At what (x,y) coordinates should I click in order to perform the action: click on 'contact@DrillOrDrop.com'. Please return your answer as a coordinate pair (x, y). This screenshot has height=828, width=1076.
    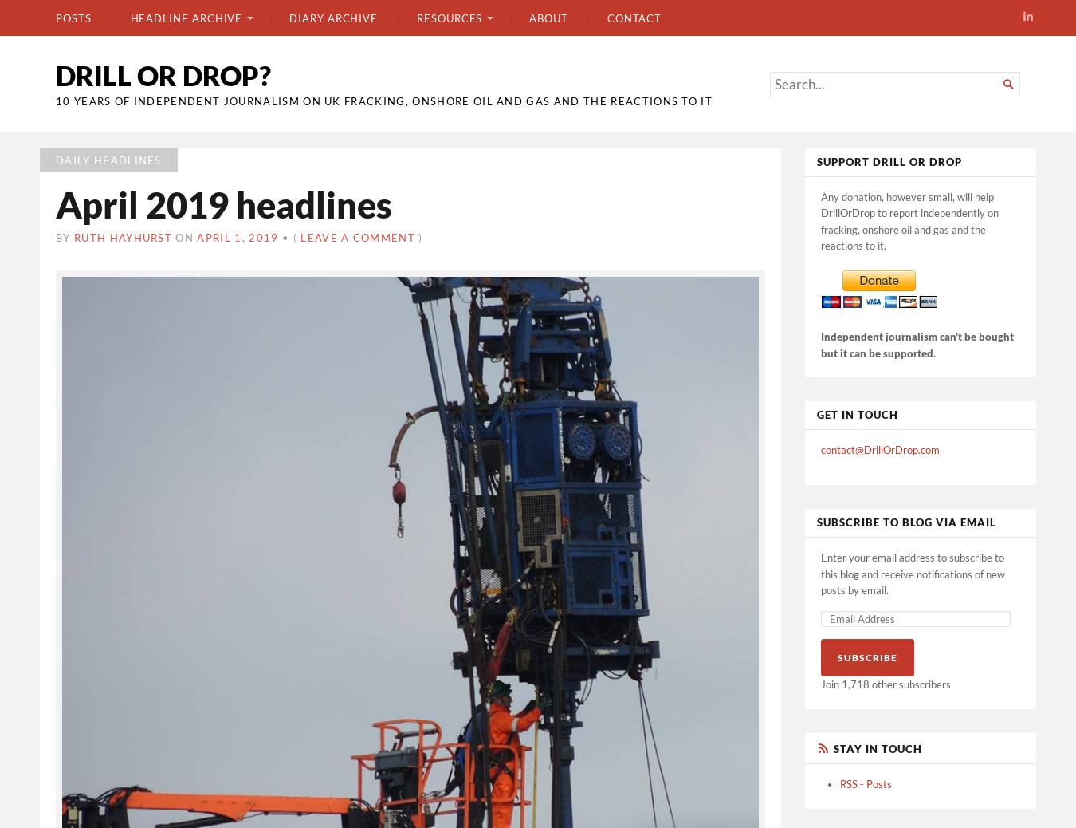
    Looking at the image, I should click on (821, 449).